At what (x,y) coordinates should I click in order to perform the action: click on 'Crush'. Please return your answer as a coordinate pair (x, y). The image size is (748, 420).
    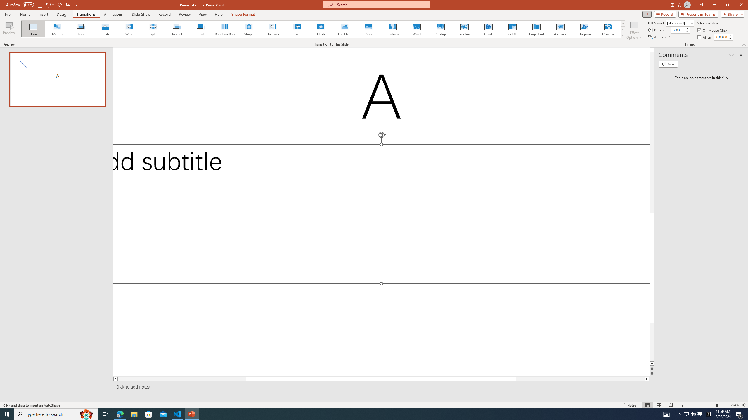
    Looking at the image, I should click on (488, 29).